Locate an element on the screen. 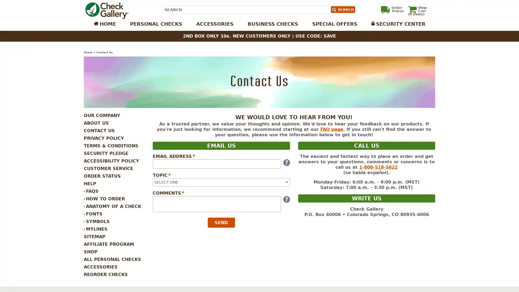 This screenshot has height=292, width=519. SEND is located at coordinates (221, 222).